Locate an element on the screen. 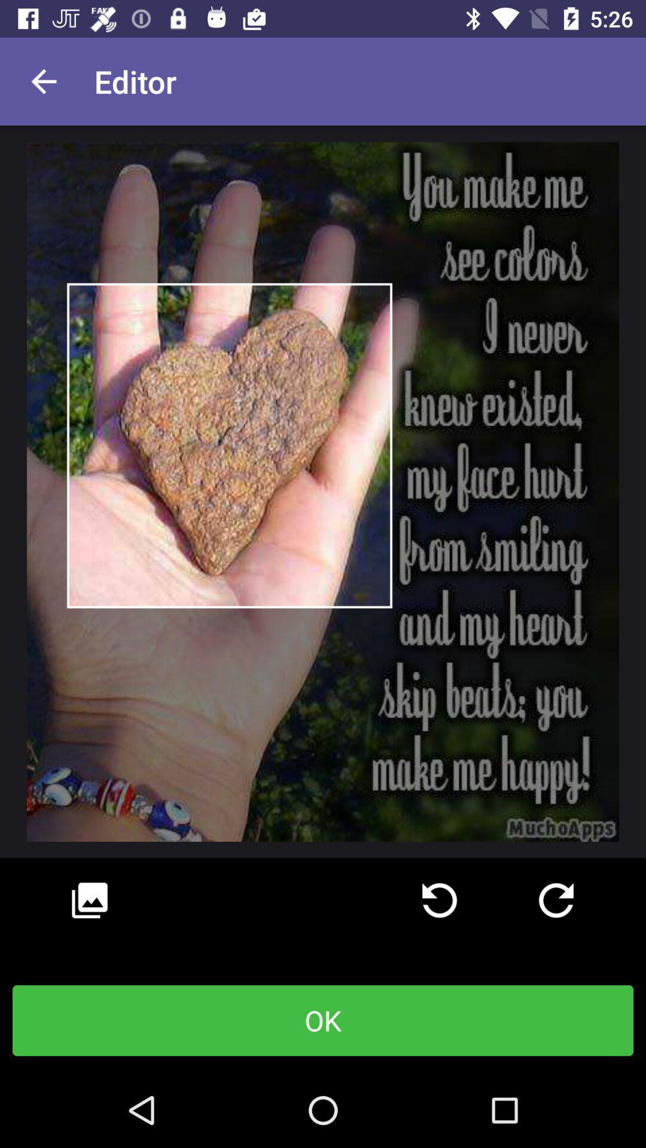 The height and width of the screenshot is (1148, 646). the wallpaper icon is located at coordinates (89, 900).